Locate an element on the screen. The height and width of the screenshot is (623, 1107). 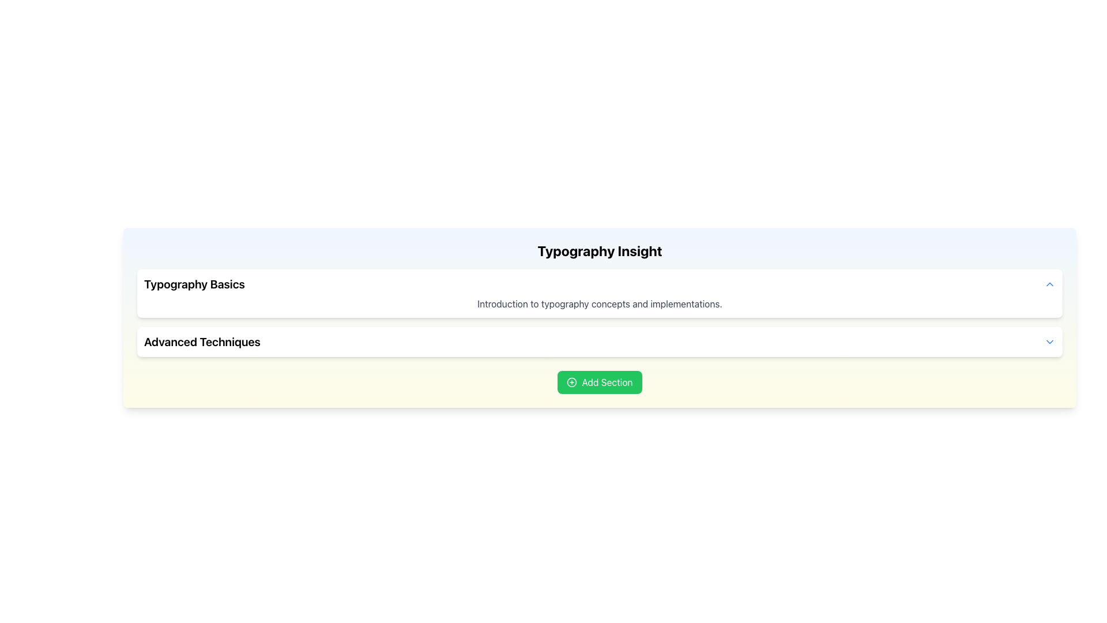
the dropdown toggle icon located at the far right of the 'Advanced Techniques' row is located at coordinates (1049, 341).